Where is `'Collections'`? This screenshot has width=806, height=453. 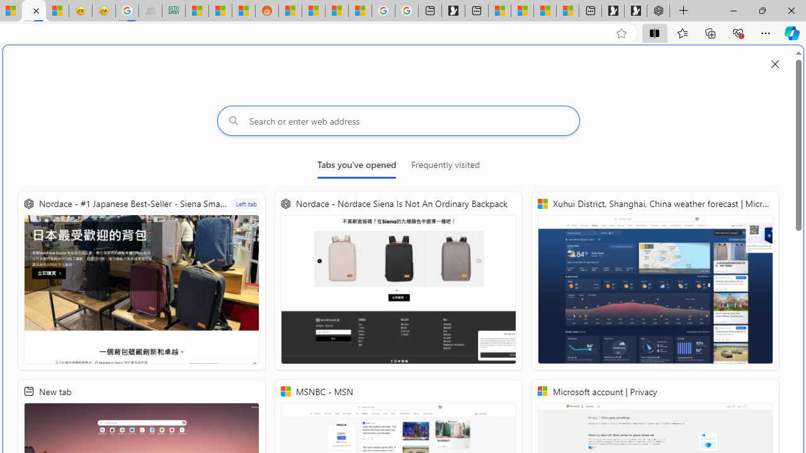 'Collections' is located at coordinates (710, 32).